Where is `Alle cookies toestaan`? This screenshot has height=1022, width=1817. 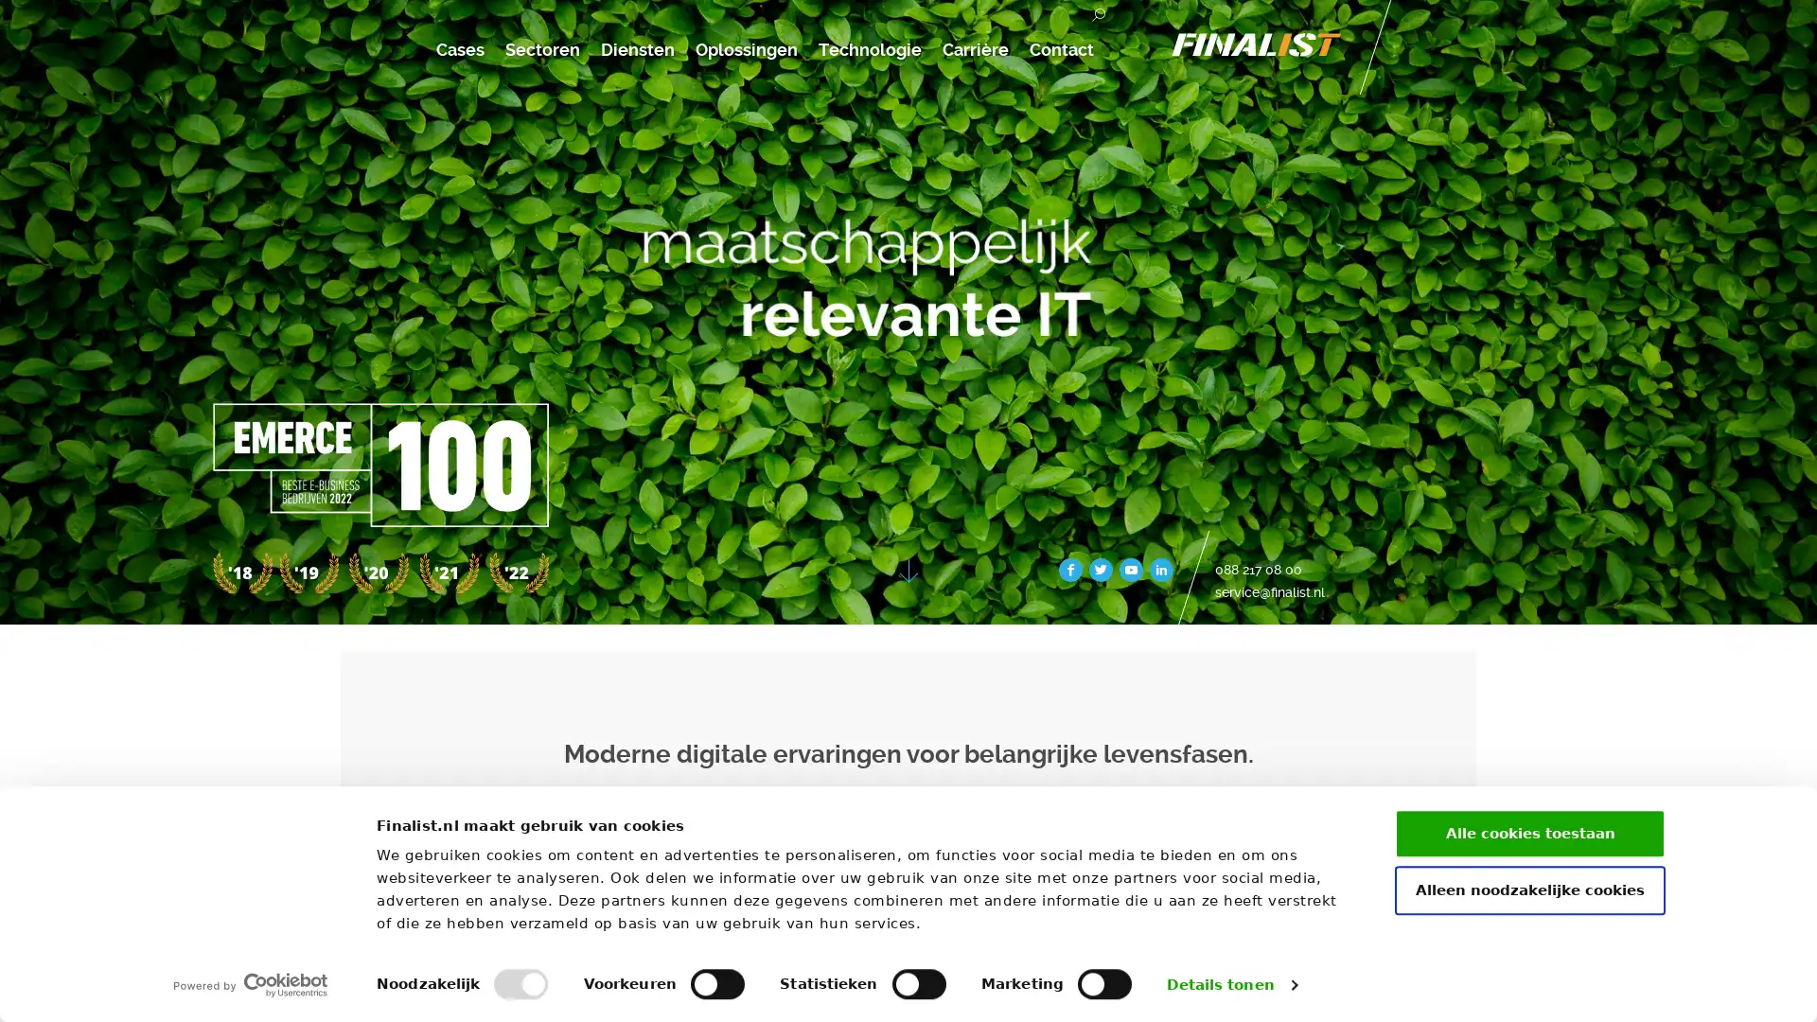 Alle cookies toestaan is located at coordinates (1530, 832).